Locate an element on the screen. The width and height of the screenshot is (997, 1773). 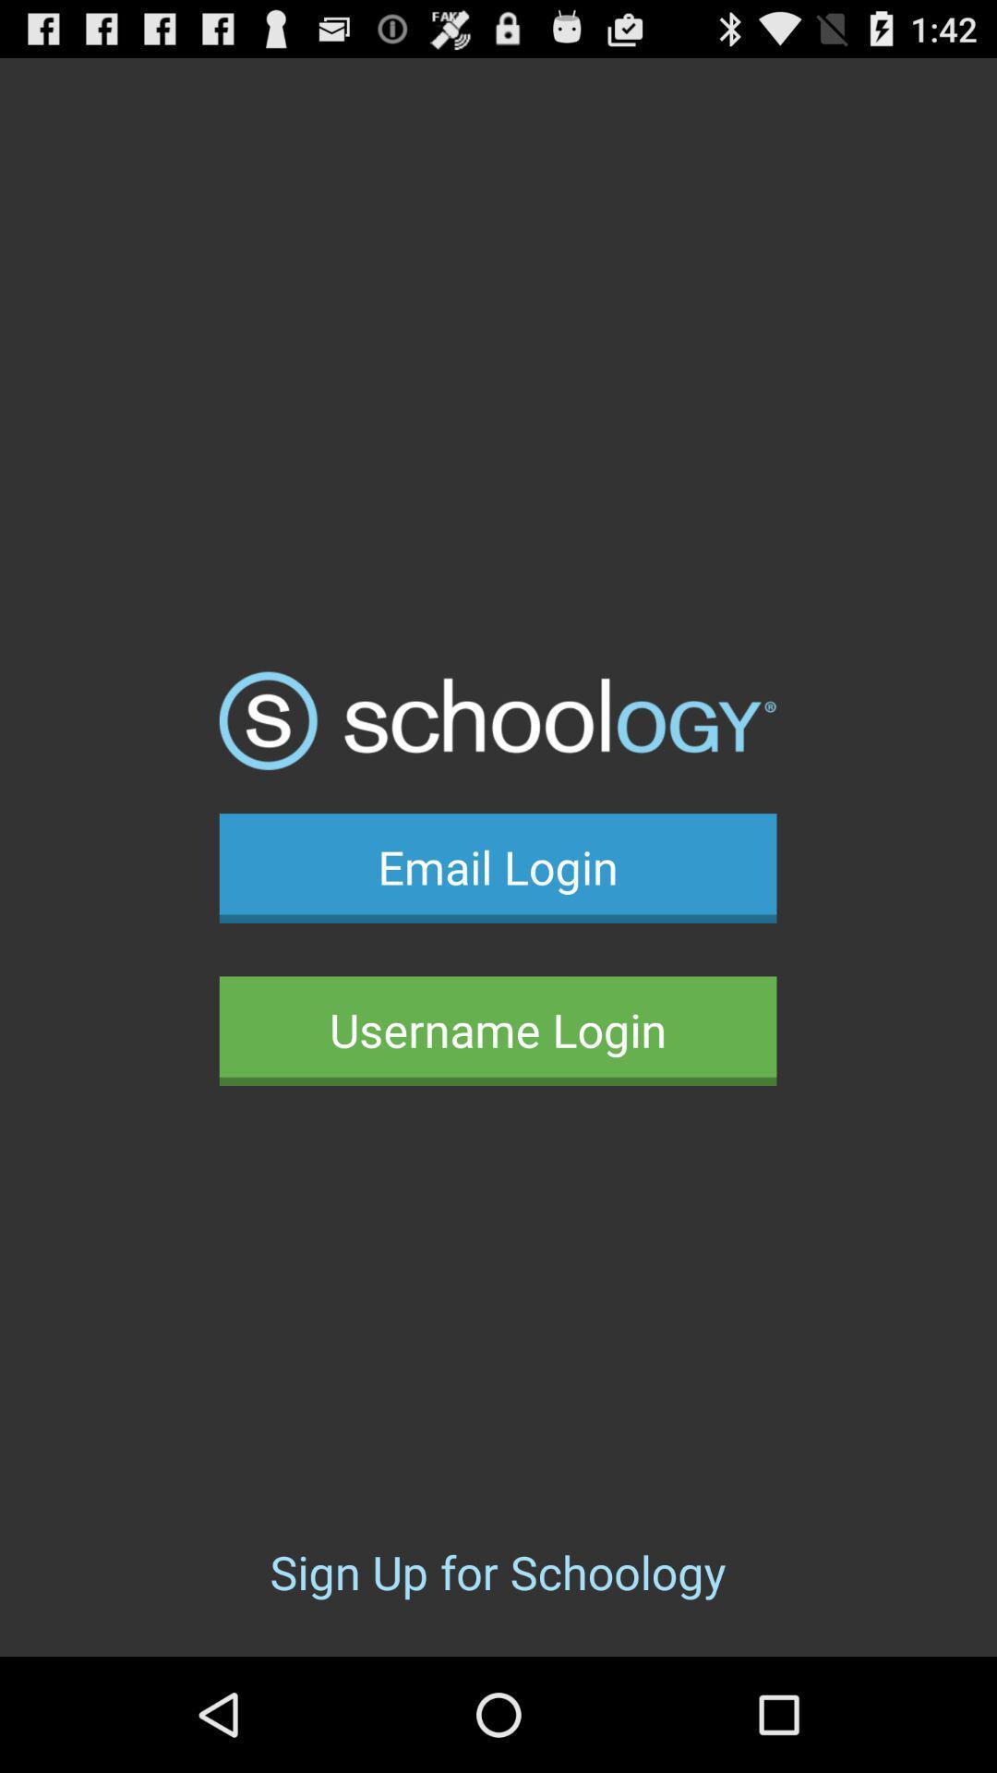
the email login is located at coordinates (497, 867).